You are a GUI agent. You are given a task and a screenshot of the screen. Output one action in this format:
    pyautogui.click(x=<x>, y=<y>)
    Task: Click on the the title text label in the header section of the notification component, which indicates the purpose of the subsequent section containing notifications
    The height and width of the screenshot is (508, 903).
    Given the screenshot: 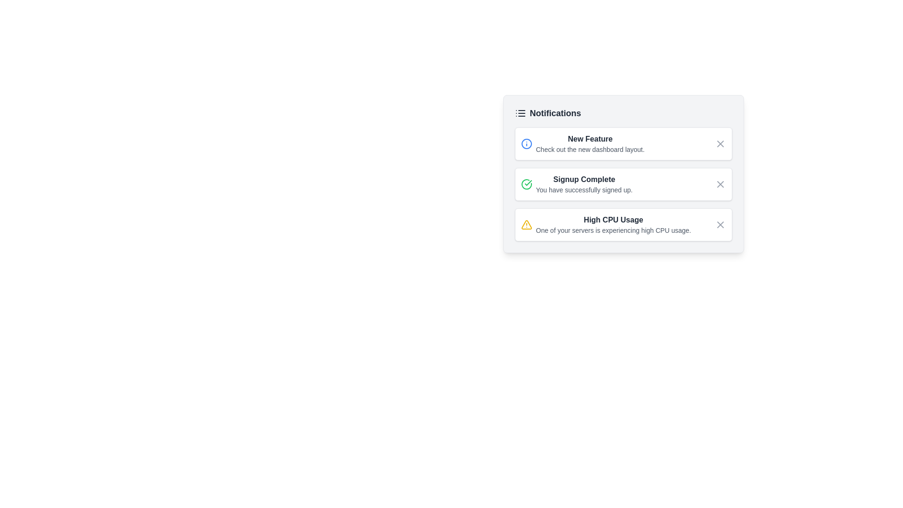 What is the action you would take?
    pyautogui.click(x=548, y=112)
    